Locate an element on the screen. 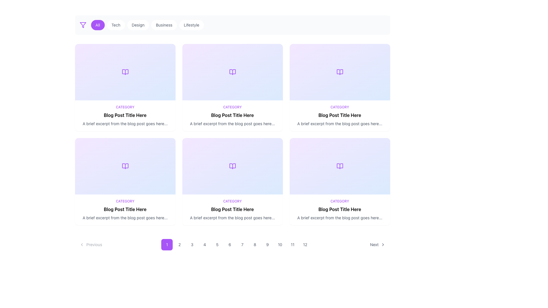 The height and width of the screenshot is (308, 548). the Content block or preview card located in the second row and third column of the grid layout is located at coordinates (232, 210).